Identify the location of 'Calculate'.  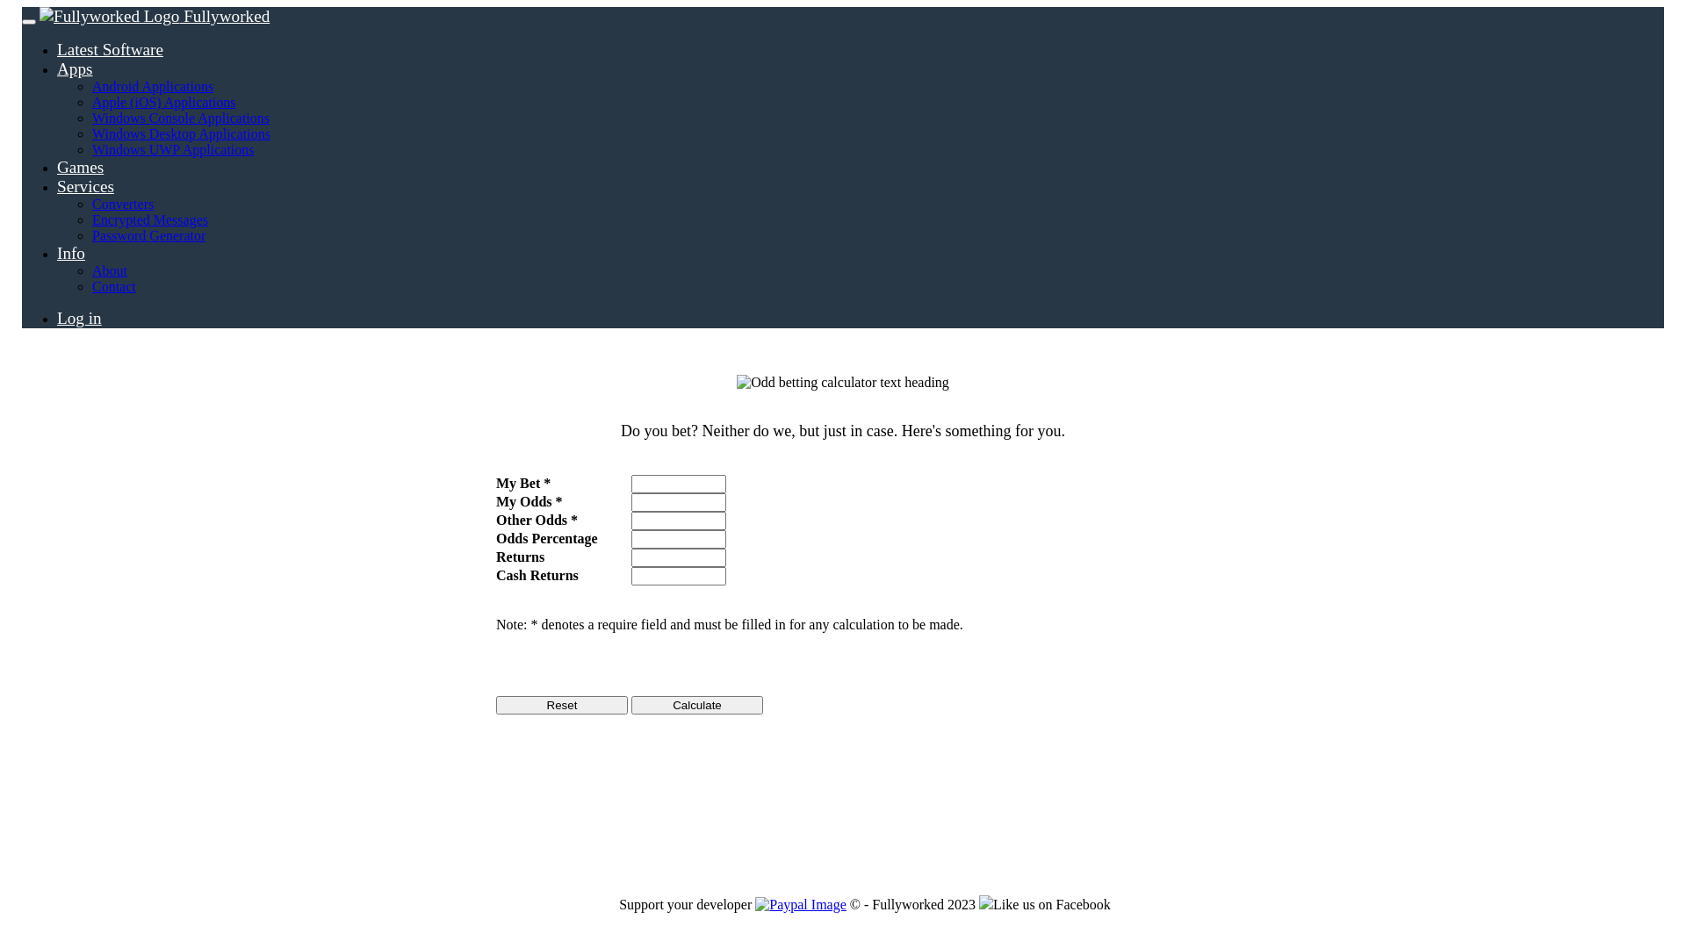
(695, 704).